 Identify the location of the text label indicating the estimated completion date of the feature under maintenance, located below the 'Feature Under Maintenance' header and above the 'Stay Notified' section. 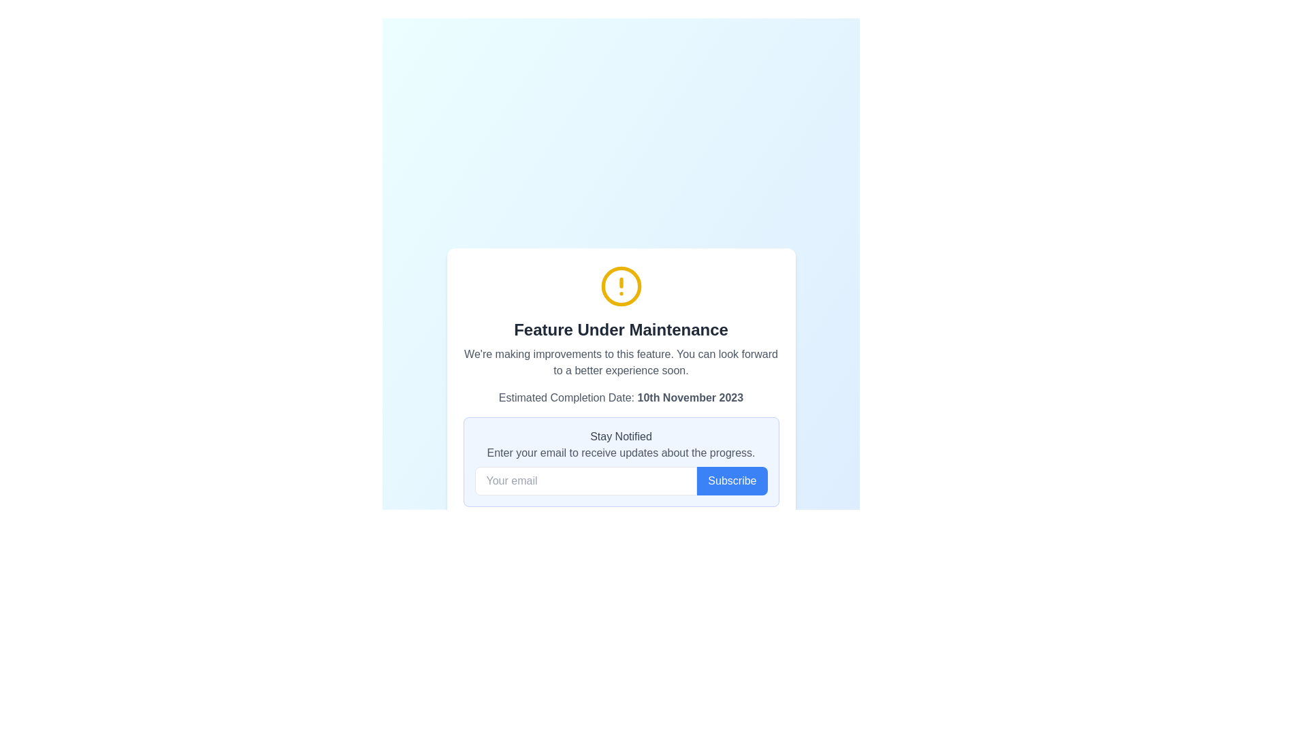
(620, 398).